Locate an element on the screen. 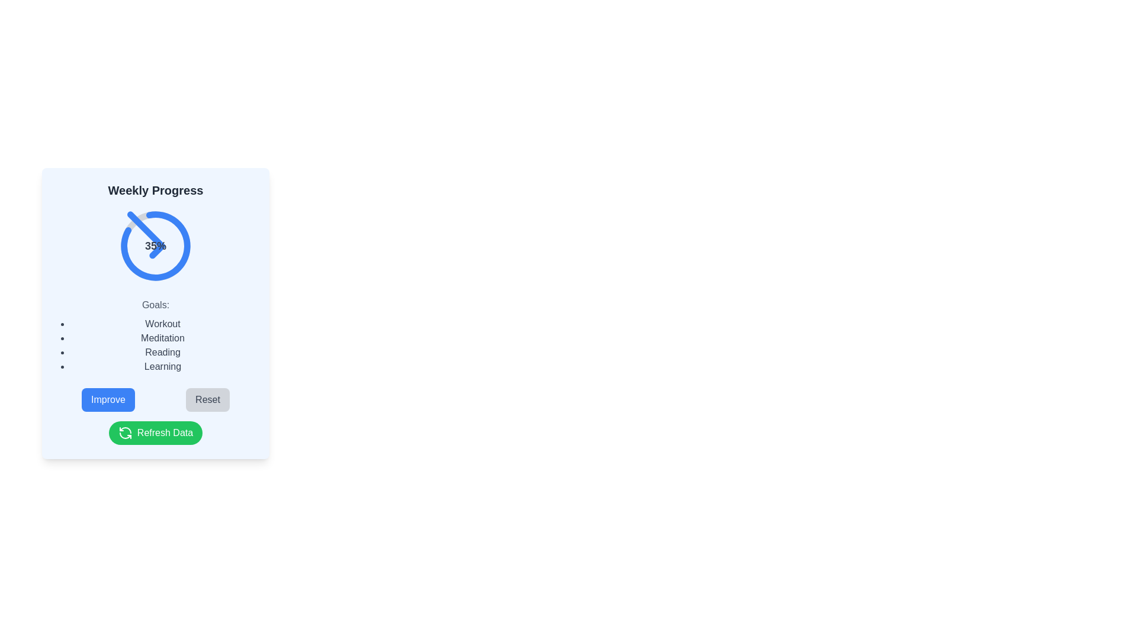  the circular refresh icon located inside the green 'Refresh Data' button, positioned to the left of the text is located at coordinates (125, 433).